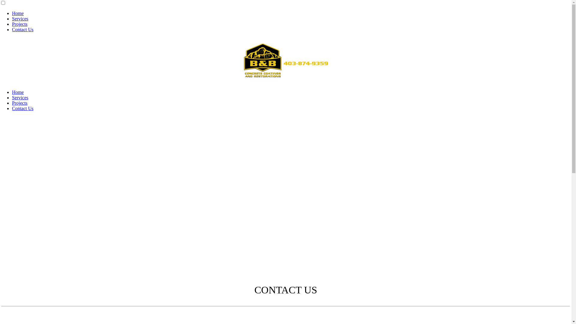  What do you see at coordinates (20, 97) in the screenshot?
I see `'Services'` at bounding box center [20, 97].